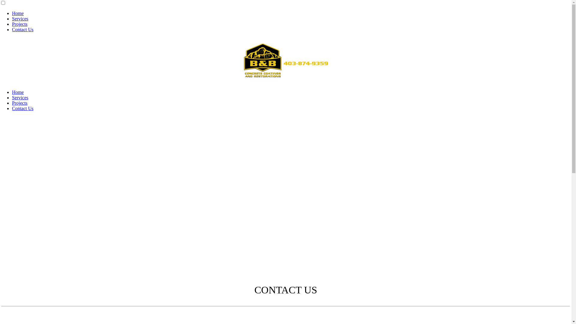  What do you see at coordinates (20, 97) in the screenshot?
I see `'Services'` at bounding box center [20, 97].